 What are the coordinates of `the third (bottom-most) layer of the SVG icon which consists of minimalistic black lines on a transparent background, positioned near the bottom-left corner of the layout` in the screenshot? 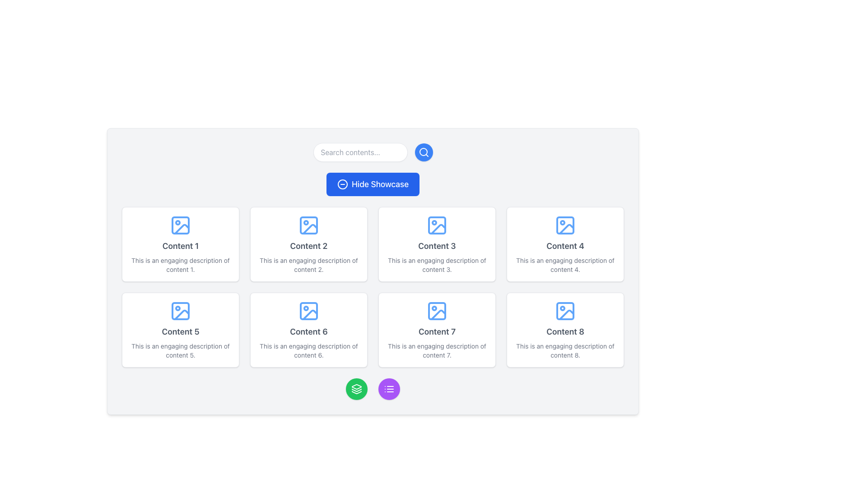 It's located at (356, 392).